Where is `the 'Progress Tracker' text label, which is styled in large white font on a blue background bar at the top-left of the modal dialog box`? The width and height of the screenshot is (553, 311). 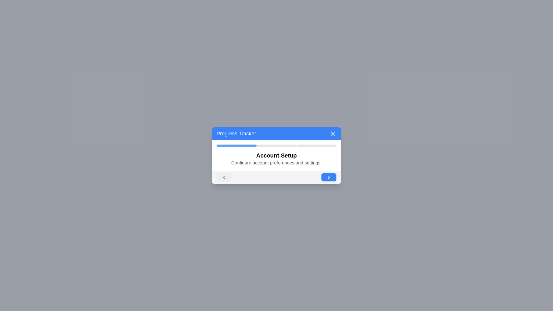
the 'Progress Tracker' text label, which is styled in large white font on a blue background bar at the top-left of the modal dialog box is located at coordinates (236, 133).